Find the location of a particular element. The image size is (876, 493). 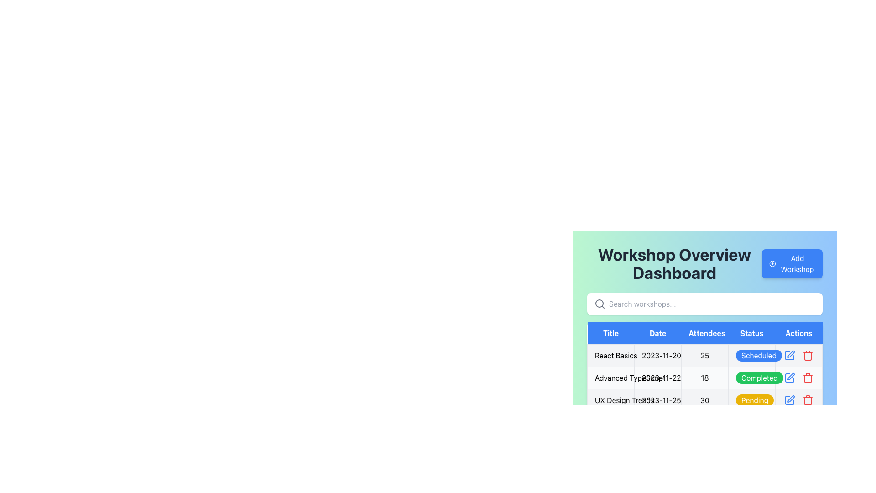

the table header row that provides labels for the data columns, positioned beneath the input search field is located at coordinates (704, 333).